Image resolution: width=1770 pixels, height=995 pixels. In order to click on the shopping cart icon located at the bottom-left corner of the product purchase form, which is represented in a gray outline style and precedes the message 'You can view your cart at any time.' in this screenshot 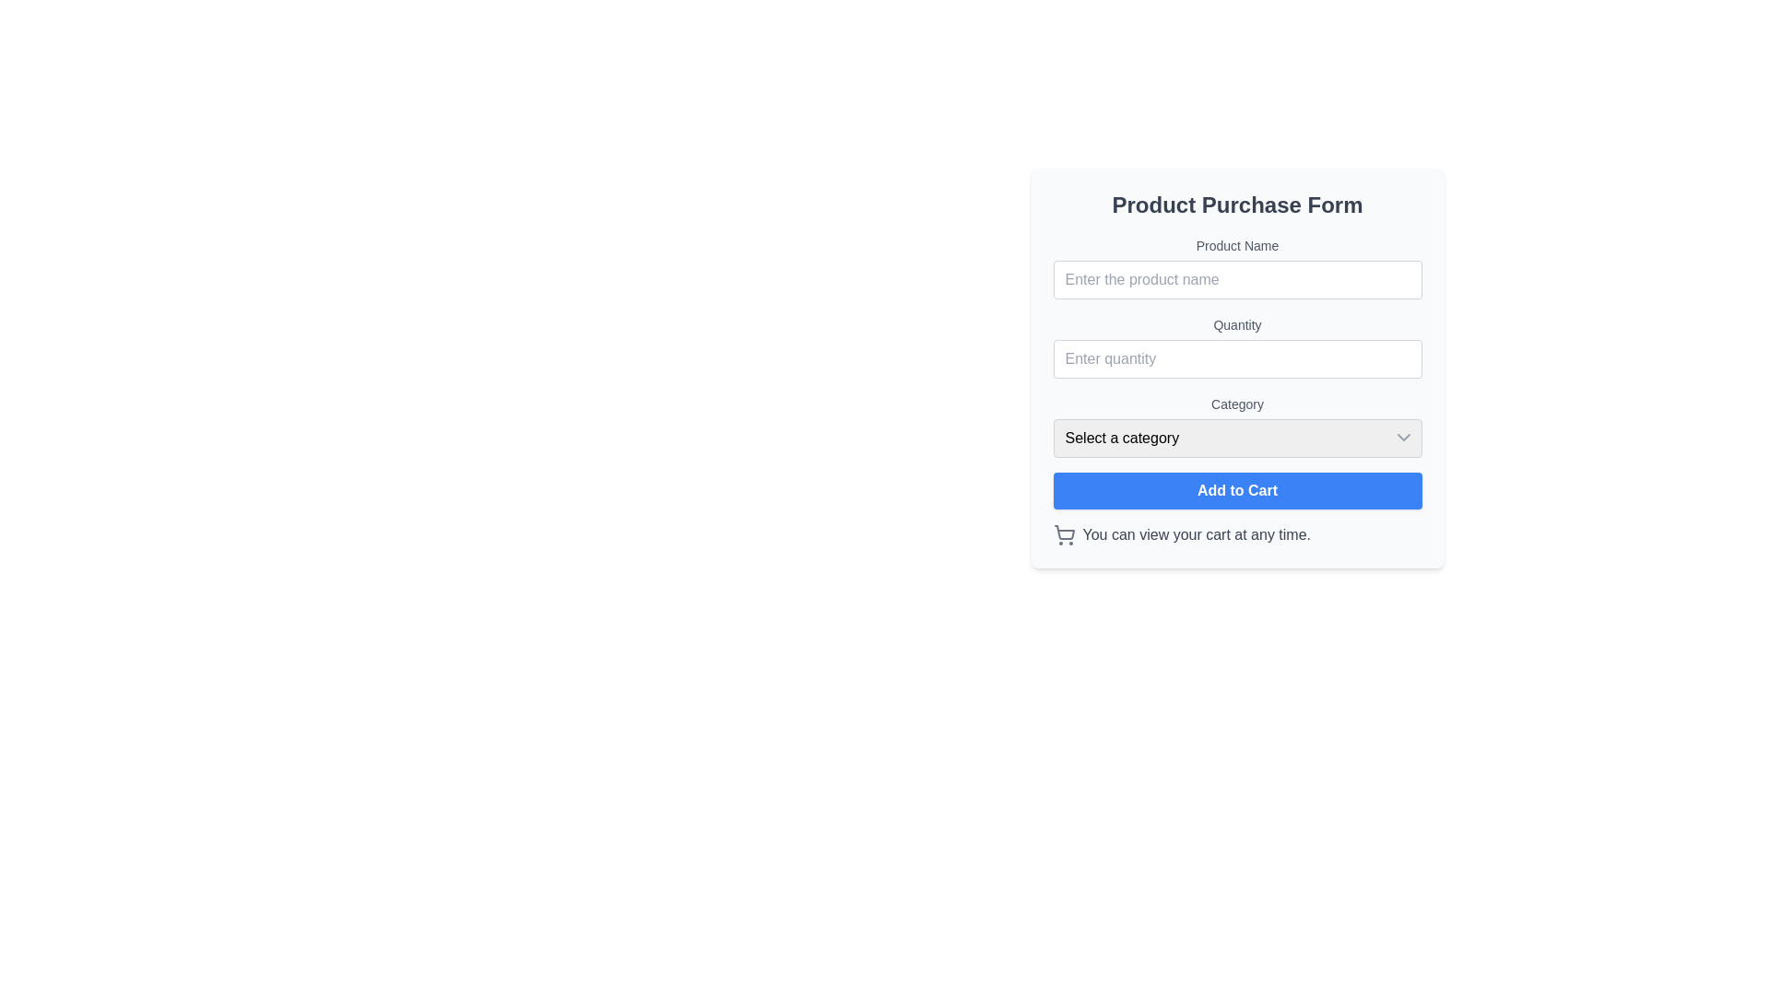, I will do `click(1064, 535)`.